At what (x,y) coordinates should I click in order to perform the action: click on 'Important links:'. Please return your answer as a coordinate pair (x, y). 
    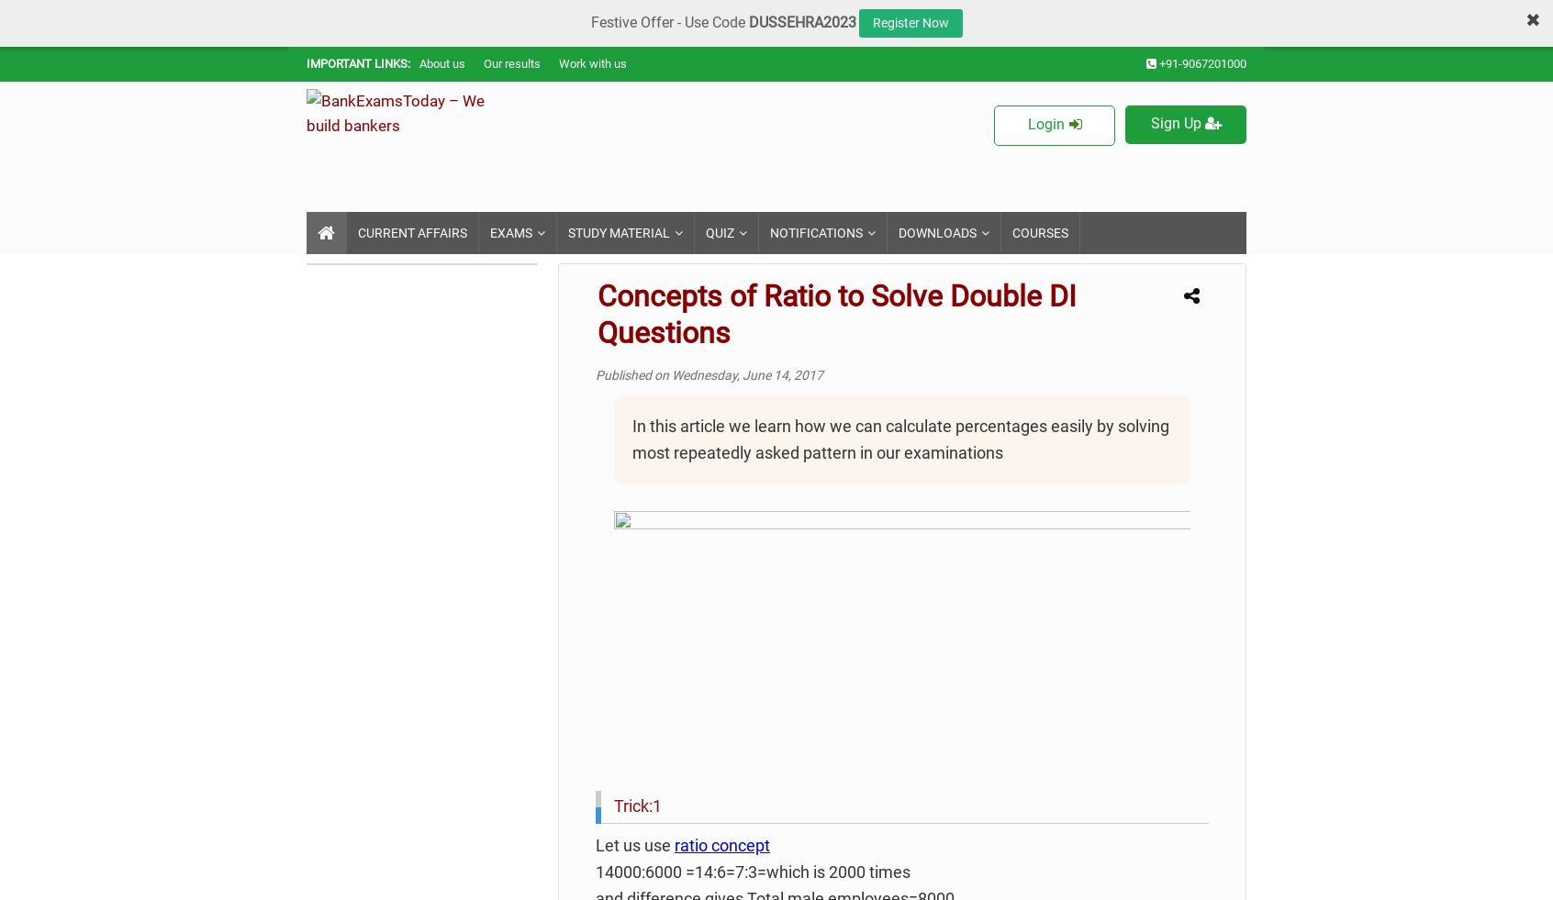
    Looking at the image, I should click on (358, 62).